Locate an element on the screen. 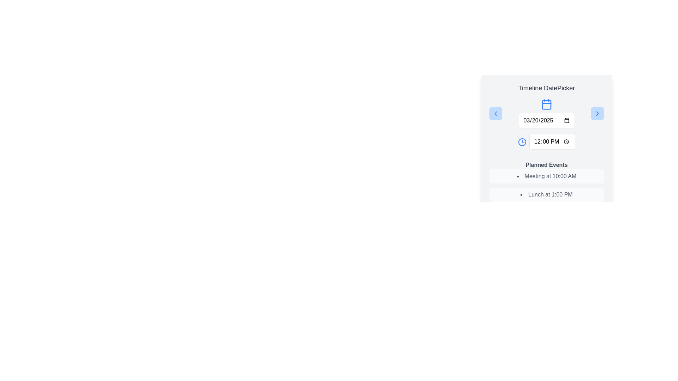 This screenshot has height=381, width=678. the Date Selection Component located beneath the 'Timeline DatePicker' header, which includes interactive elements such as left and right chevron buttons, a date display field, and a calendar icon, to trigger tooltips or visual feedback is located at coordinates (546, 113).